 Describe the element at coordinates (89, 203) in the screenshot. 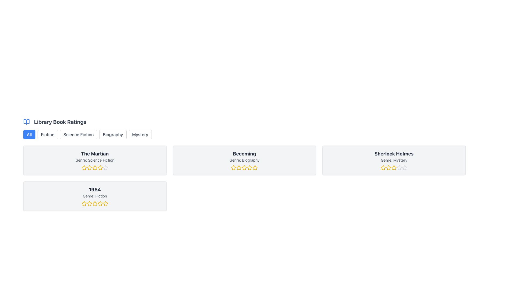

I see `the second star icon in the star-based rating system below the '1984' book title` at that location.